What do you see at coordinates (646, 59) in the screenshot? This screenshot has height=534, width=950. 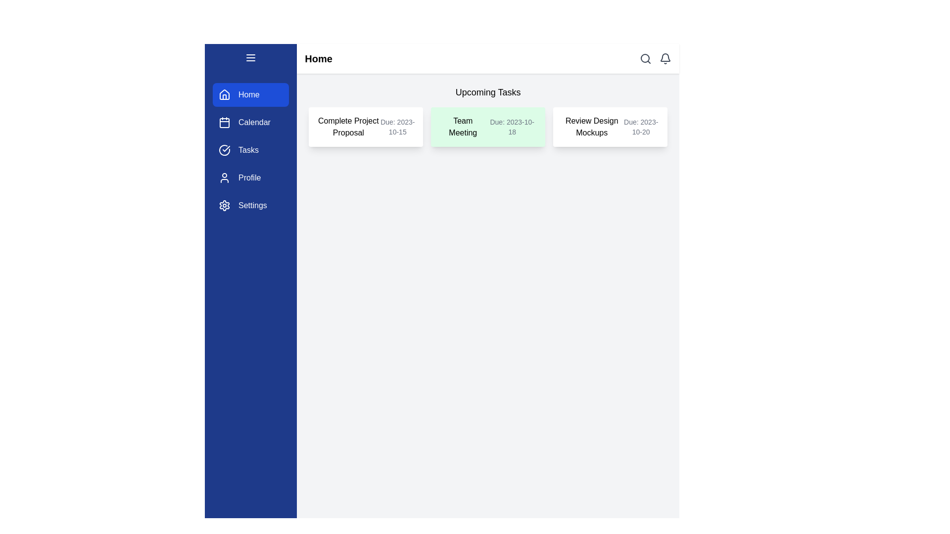 I see `the search button represented by a gray magnifying glass icon located` at bounding box center [646, 59].